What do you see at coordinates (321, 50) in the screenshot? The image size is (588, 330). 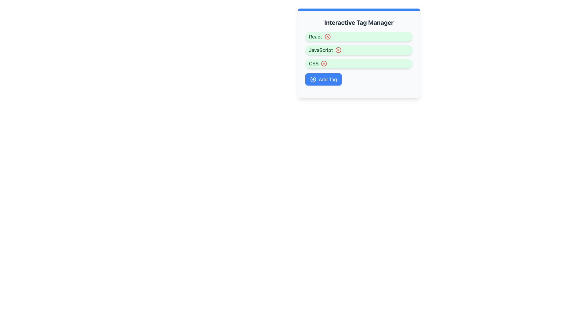 I see `the 'JavaScript' text label within the tag management interface, which is centrally positioned in a light green rounded badge` at bounding box center [321, 50].